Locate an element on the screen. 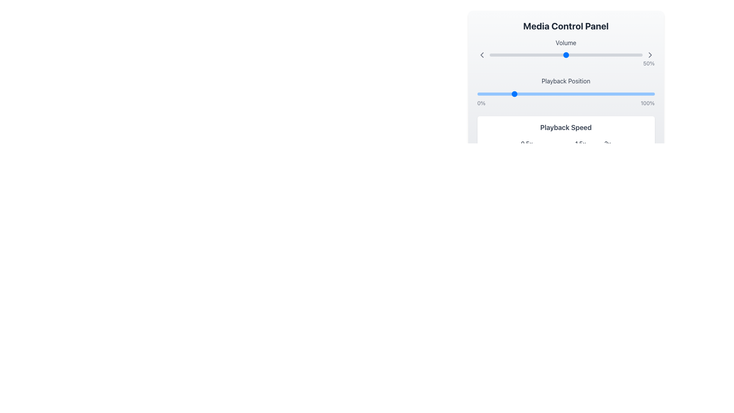  volume is located at coordinates (570, 54).